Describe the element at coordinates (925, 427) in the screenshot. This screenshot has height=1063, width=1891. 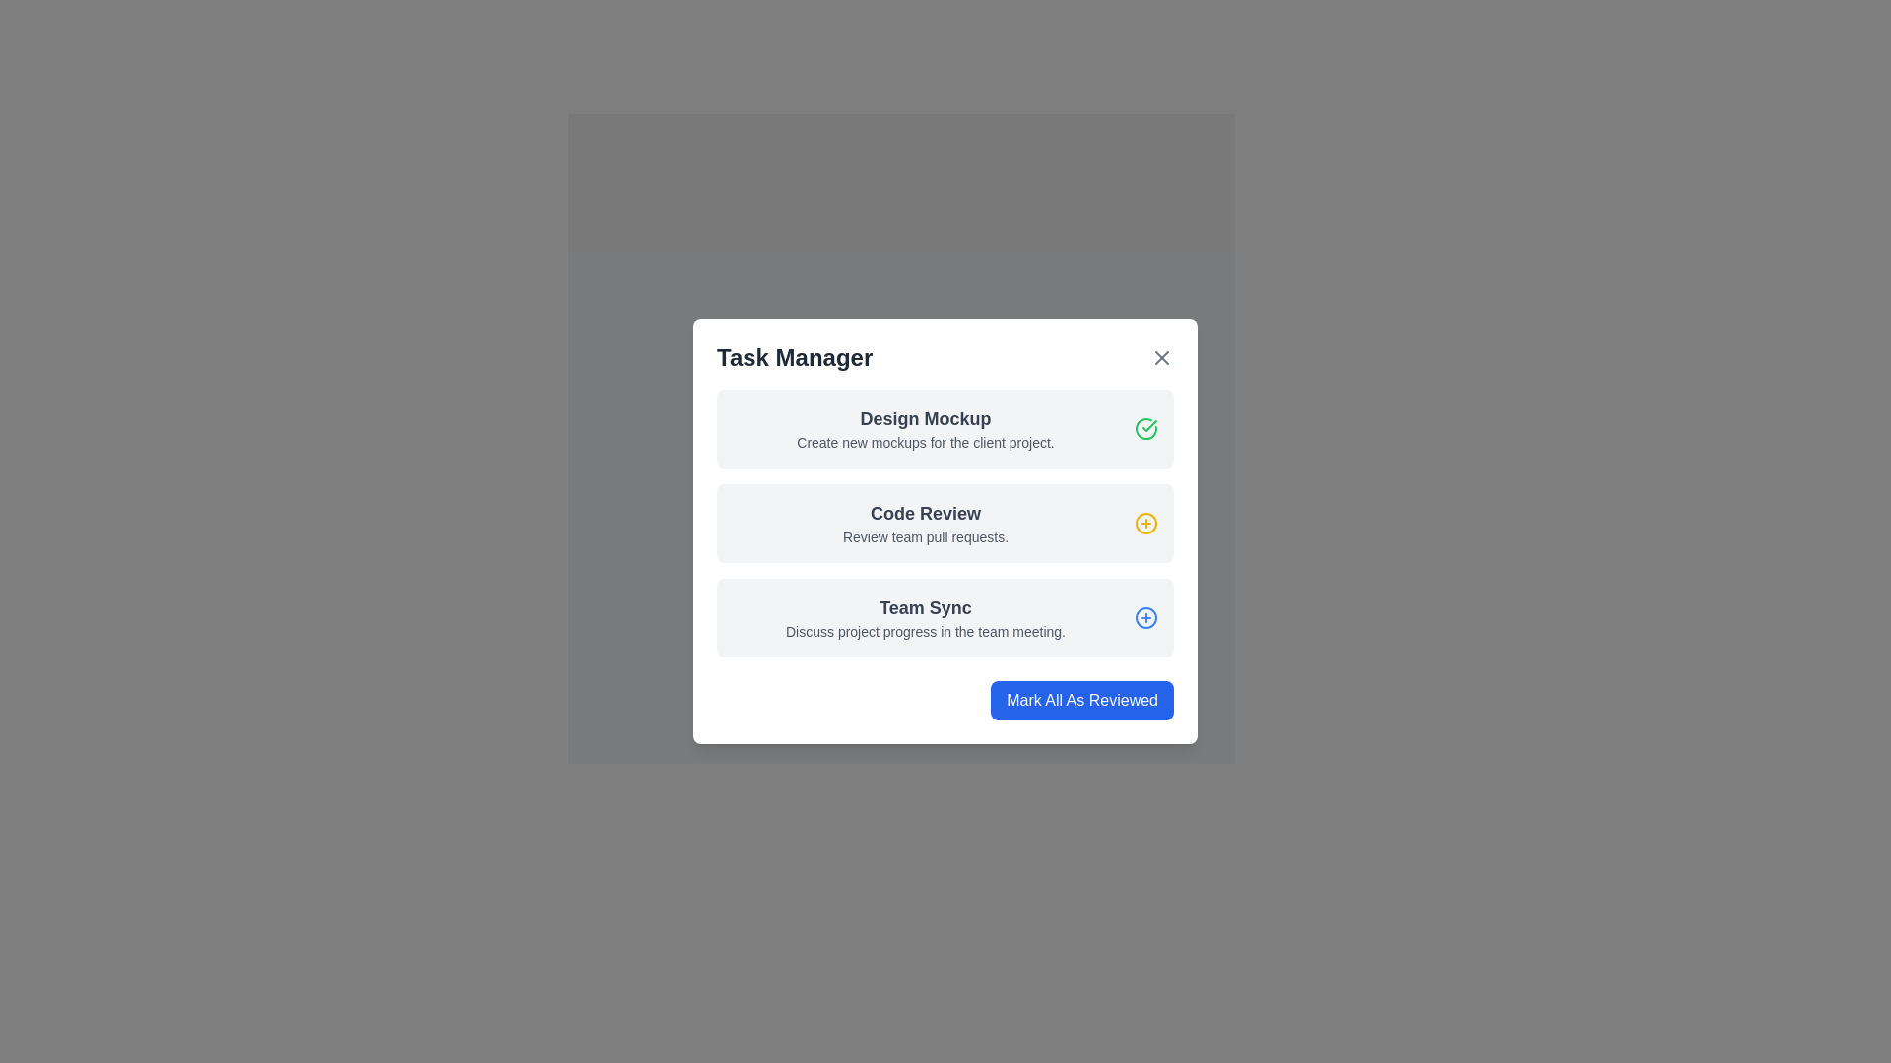
I see `the Text block titled 'Design Mockup', which includes a subtitle about creating new mockups, situated in the central portion of the 'Task Manager' modal` at that location.